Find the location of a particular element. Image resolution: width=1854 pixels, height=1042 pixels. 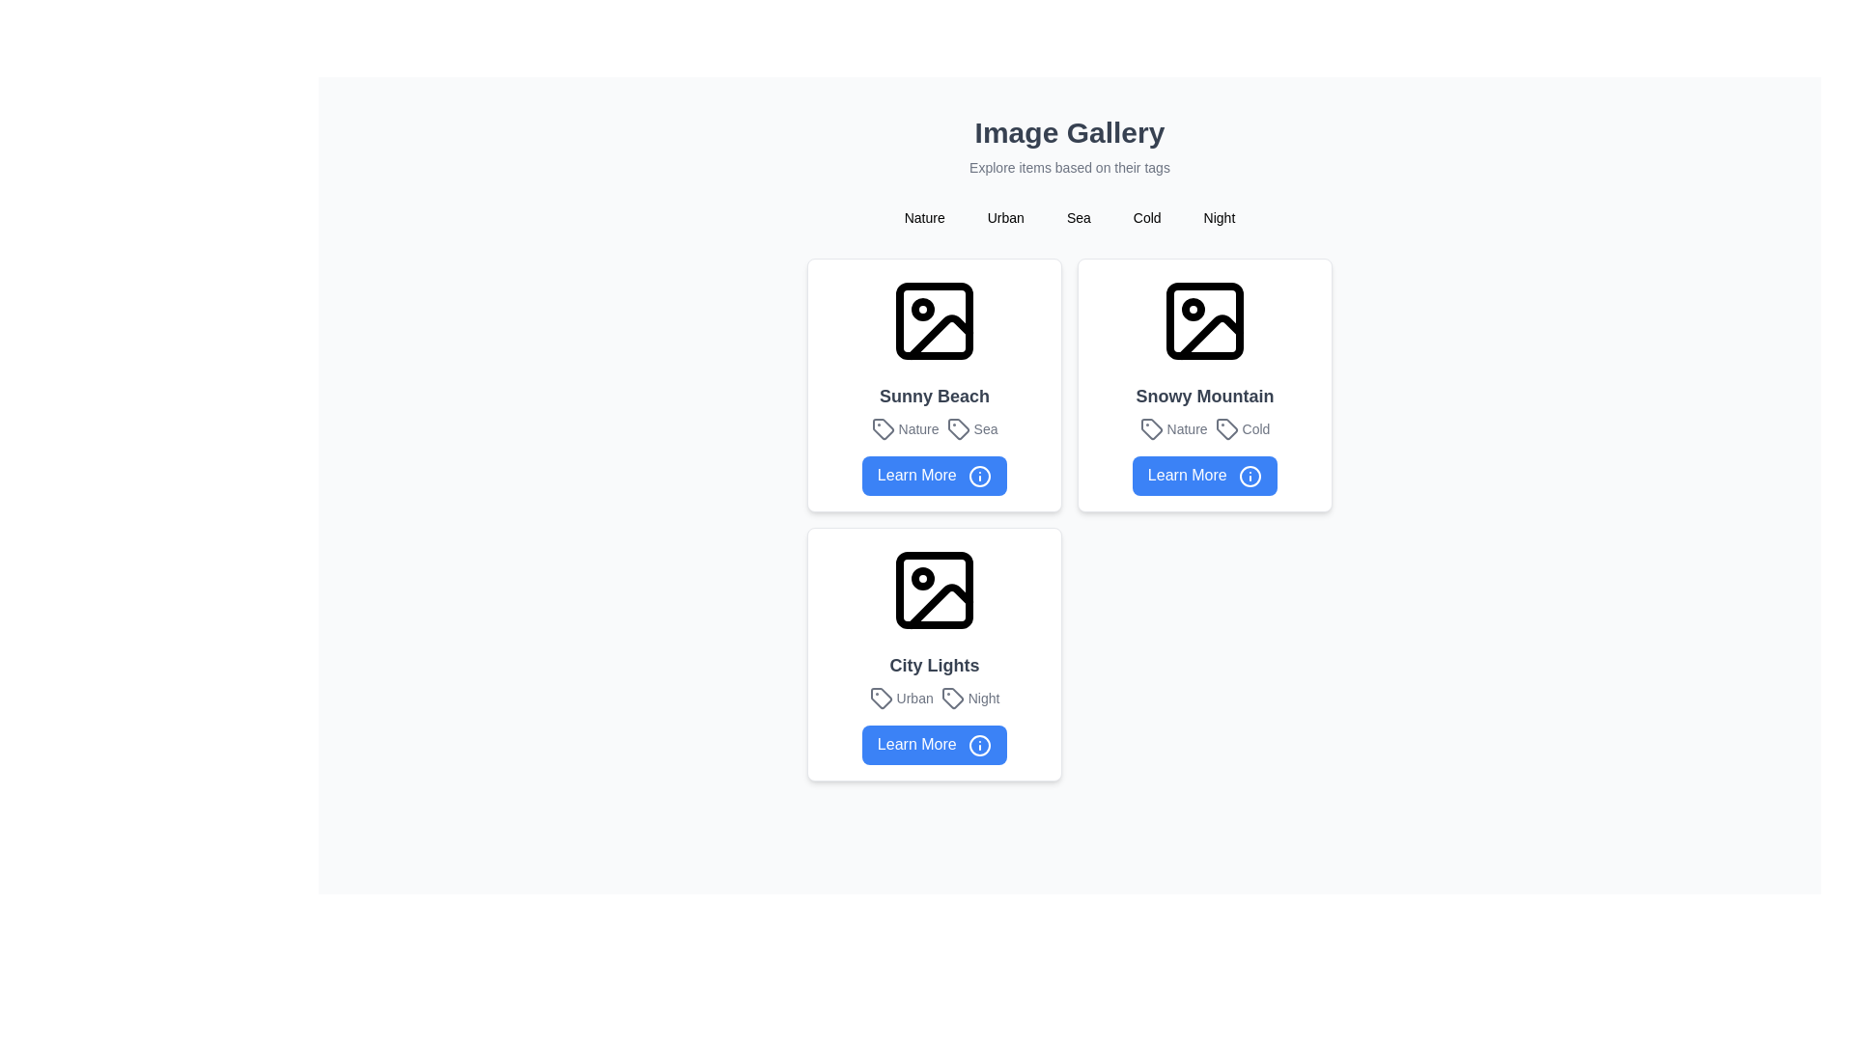

the blue rectangular button labeled 'Learn More' with an information icon, located in the upper-right card of the 'Snowy Mountain' interface grid is located at coordinates (1204, 476).